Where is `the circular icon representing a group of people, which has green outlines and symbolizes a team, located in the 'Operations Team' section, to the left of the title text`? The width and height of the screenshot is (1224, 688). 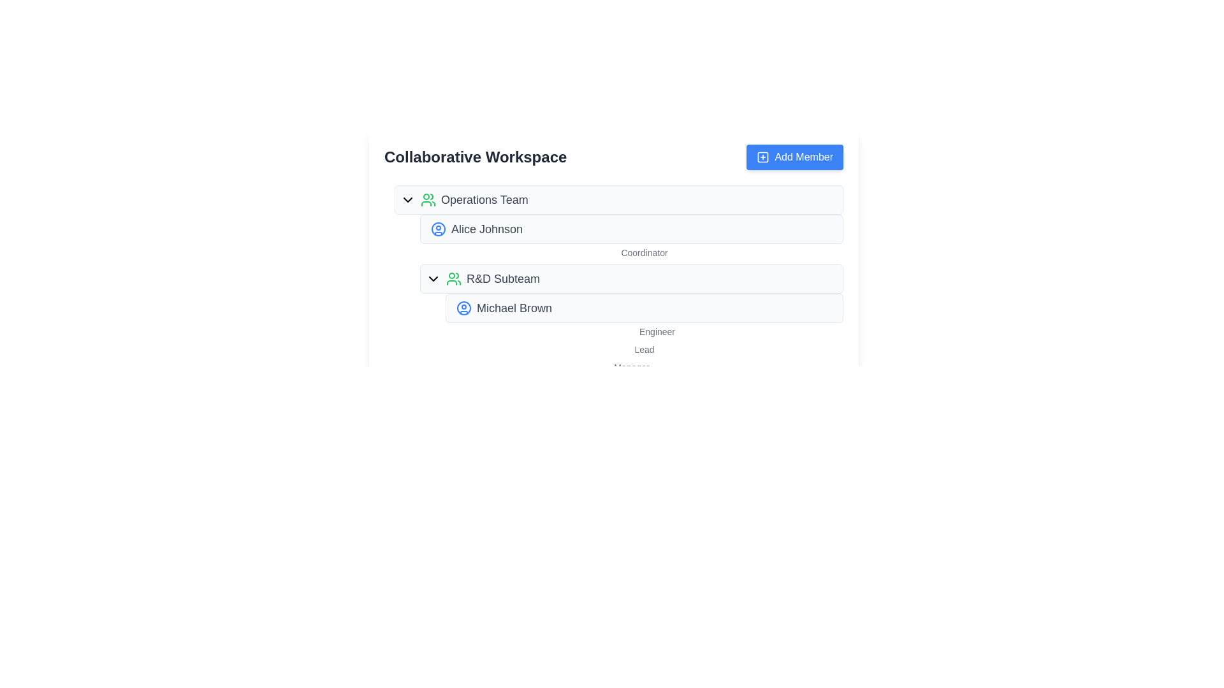
the circular icon representing a group of people, which has green outlines and symbolizes a team, located in the 'Operations Team' section, to the left of the title text is located at coordinates (428, 199).